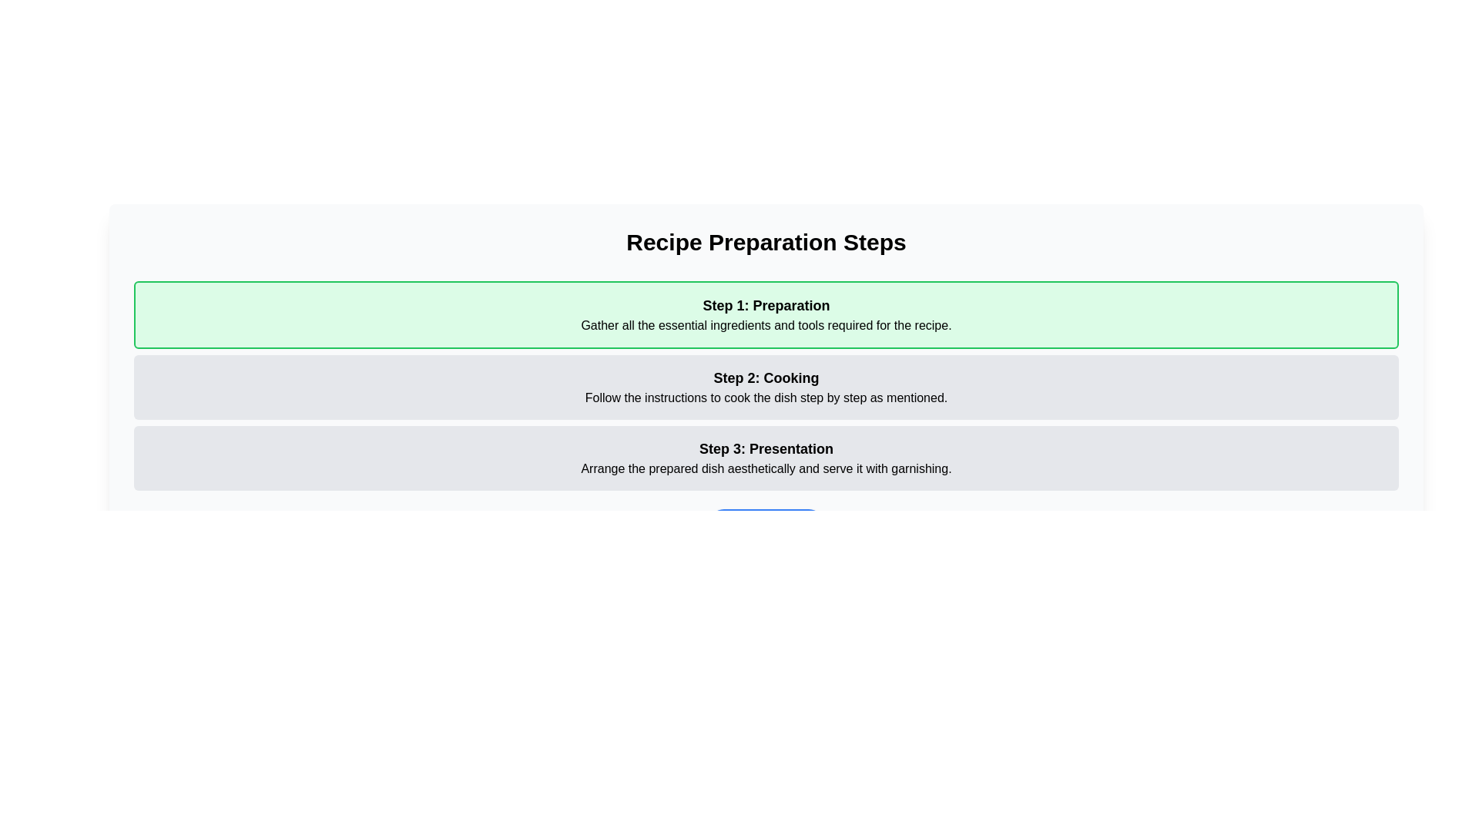 This screenshot has width=1479, height=832. Describe the element at coordinates (766, 468) in the screenshot. I see `text block containing 'Arrange the prepared dish aesthetically and serve it with garnishing.' located directly below the header 'Step 3: Presentation.'` at that location.